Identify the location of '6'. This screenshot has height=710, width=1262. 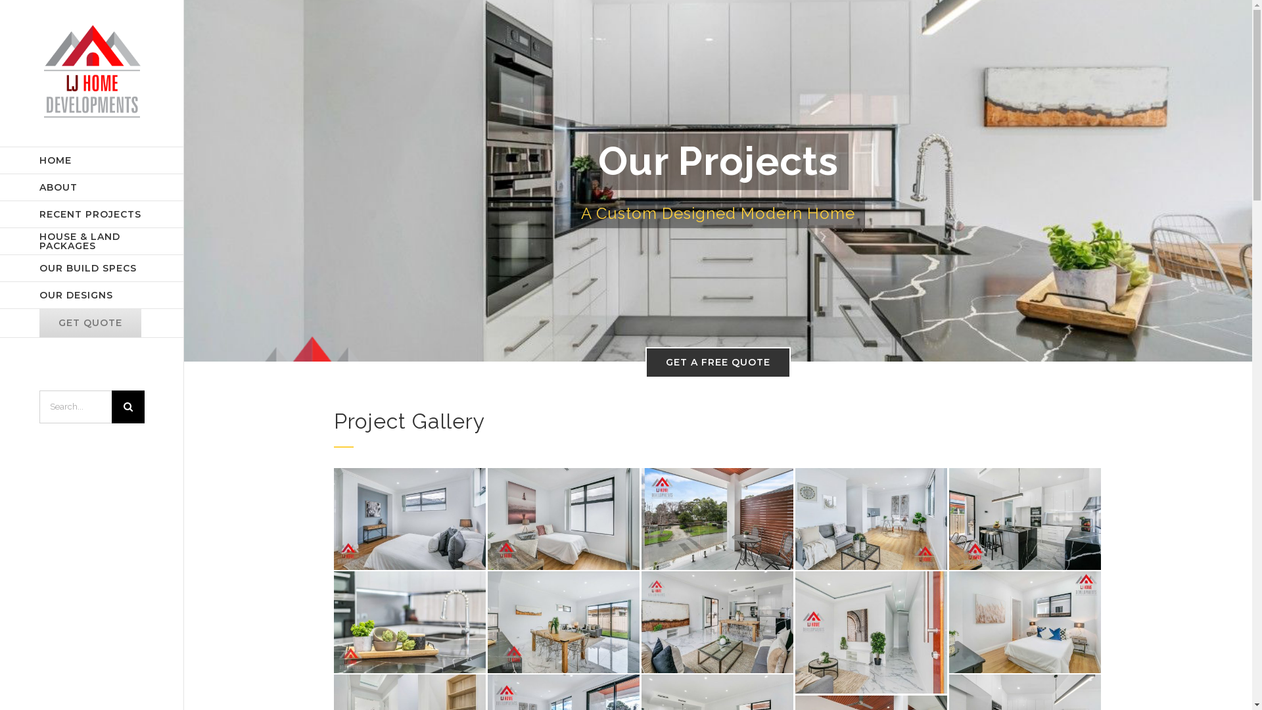
(563, 621).